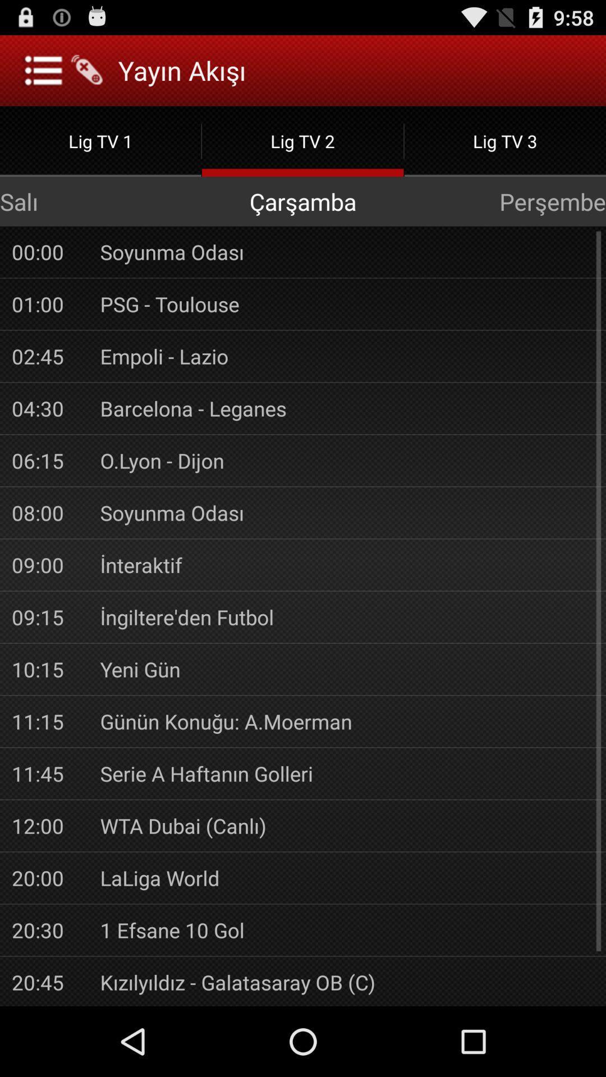  What do you see at coordinates (346, 982) in the screenshot?
I see `the app below the 1 efsane 10 item` at bounding box center [346, 982].